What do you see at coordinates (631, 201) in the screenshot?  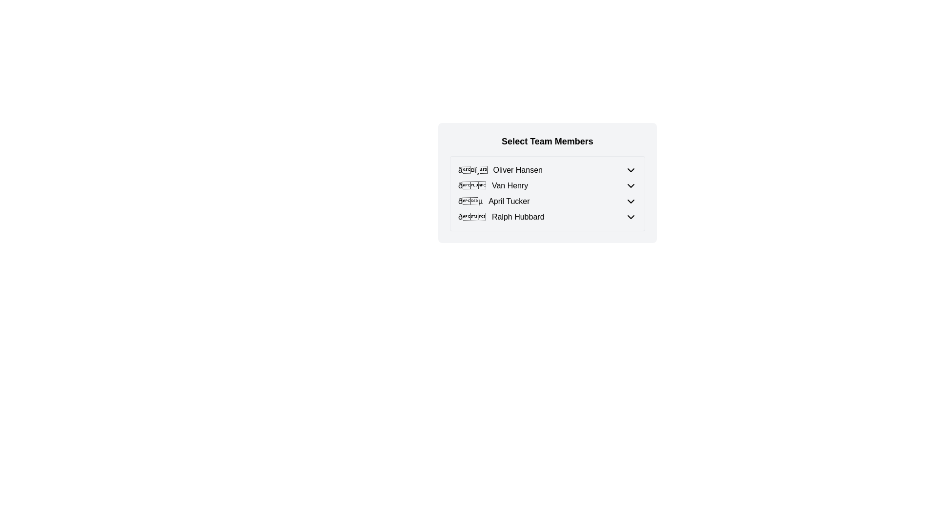 I see `the downward-facing chevron icon` at bounding box center [631, 201].